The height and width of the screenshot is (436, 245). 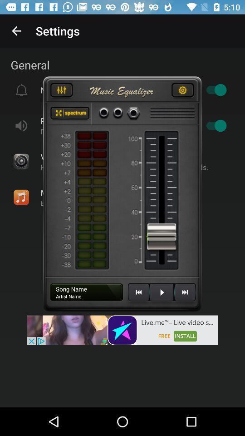 What do you see at coordinates (139, 295) in the screenshot?
I see `the av_rewind icon` at bounding box center [139, 295].